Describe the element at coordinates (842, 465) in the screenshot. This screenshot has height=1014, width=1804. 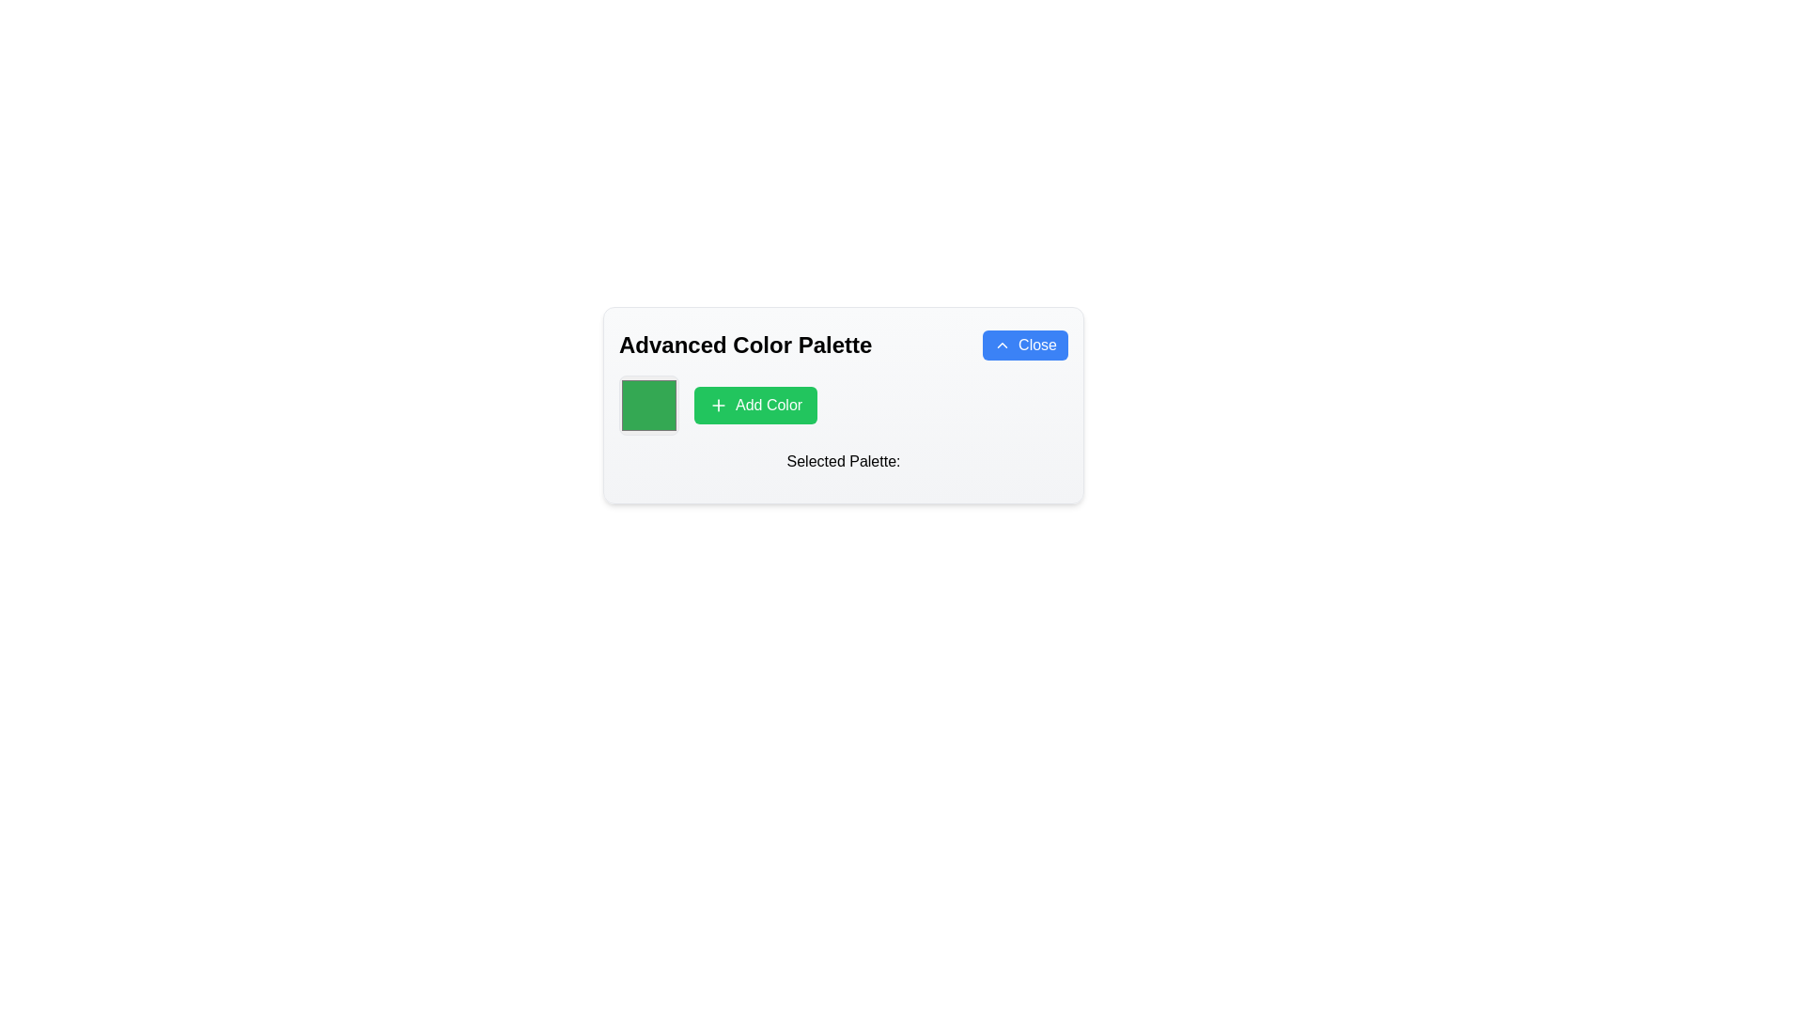
I see `the Text Label that describes the section for selected colors, located below the 'Add Color' button and color swatch` at that location.